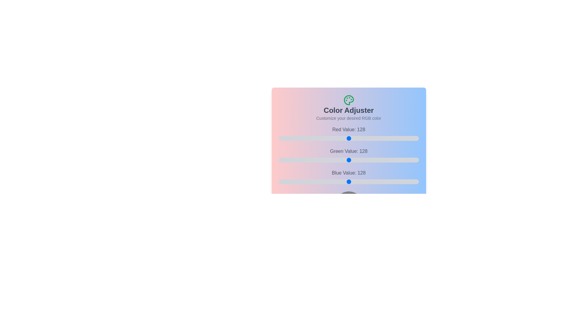  What do you see at coordinates (369, 138) in the screenshot?
I see `the 0 slider to 77` at bounding box center [369, 138].